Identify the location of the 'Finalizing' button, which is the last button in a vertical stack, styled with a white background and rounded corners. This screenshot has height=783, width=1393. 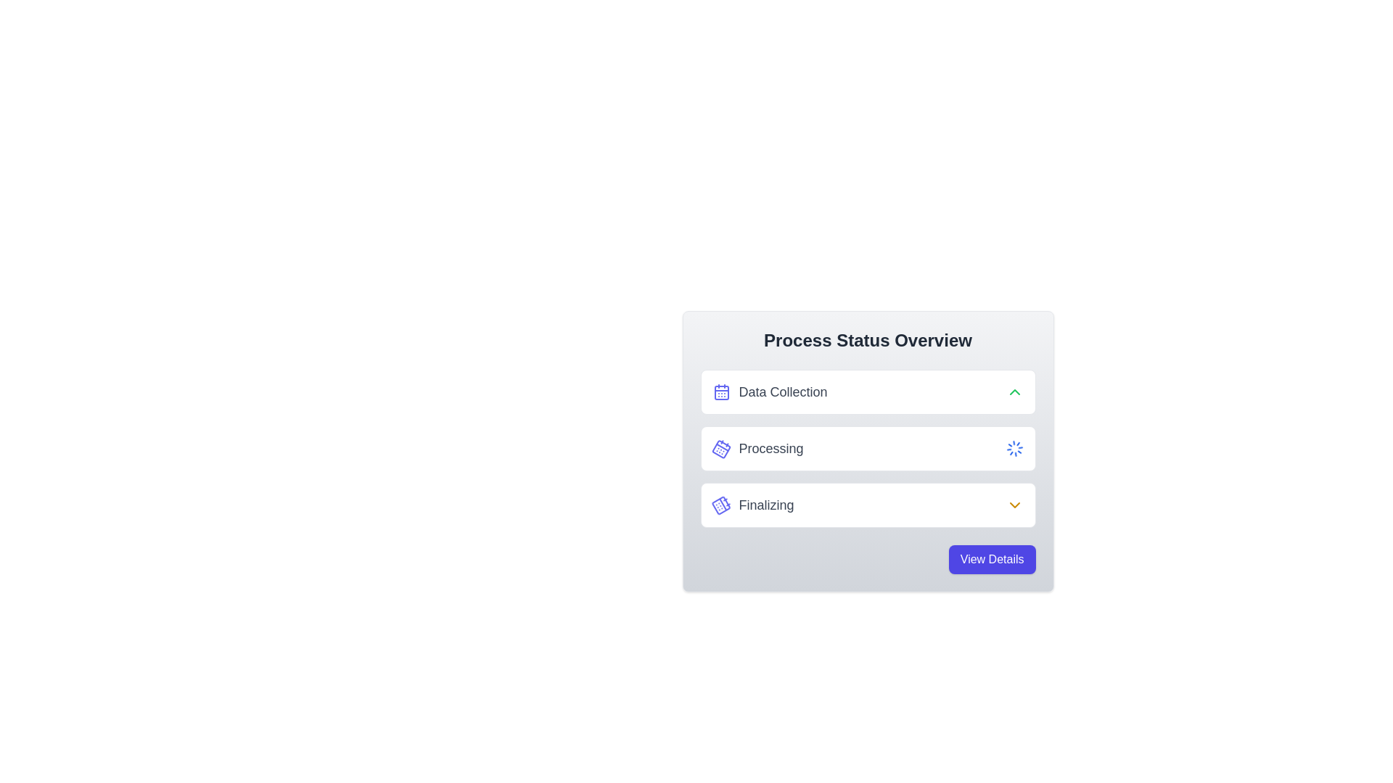
(868, 505).